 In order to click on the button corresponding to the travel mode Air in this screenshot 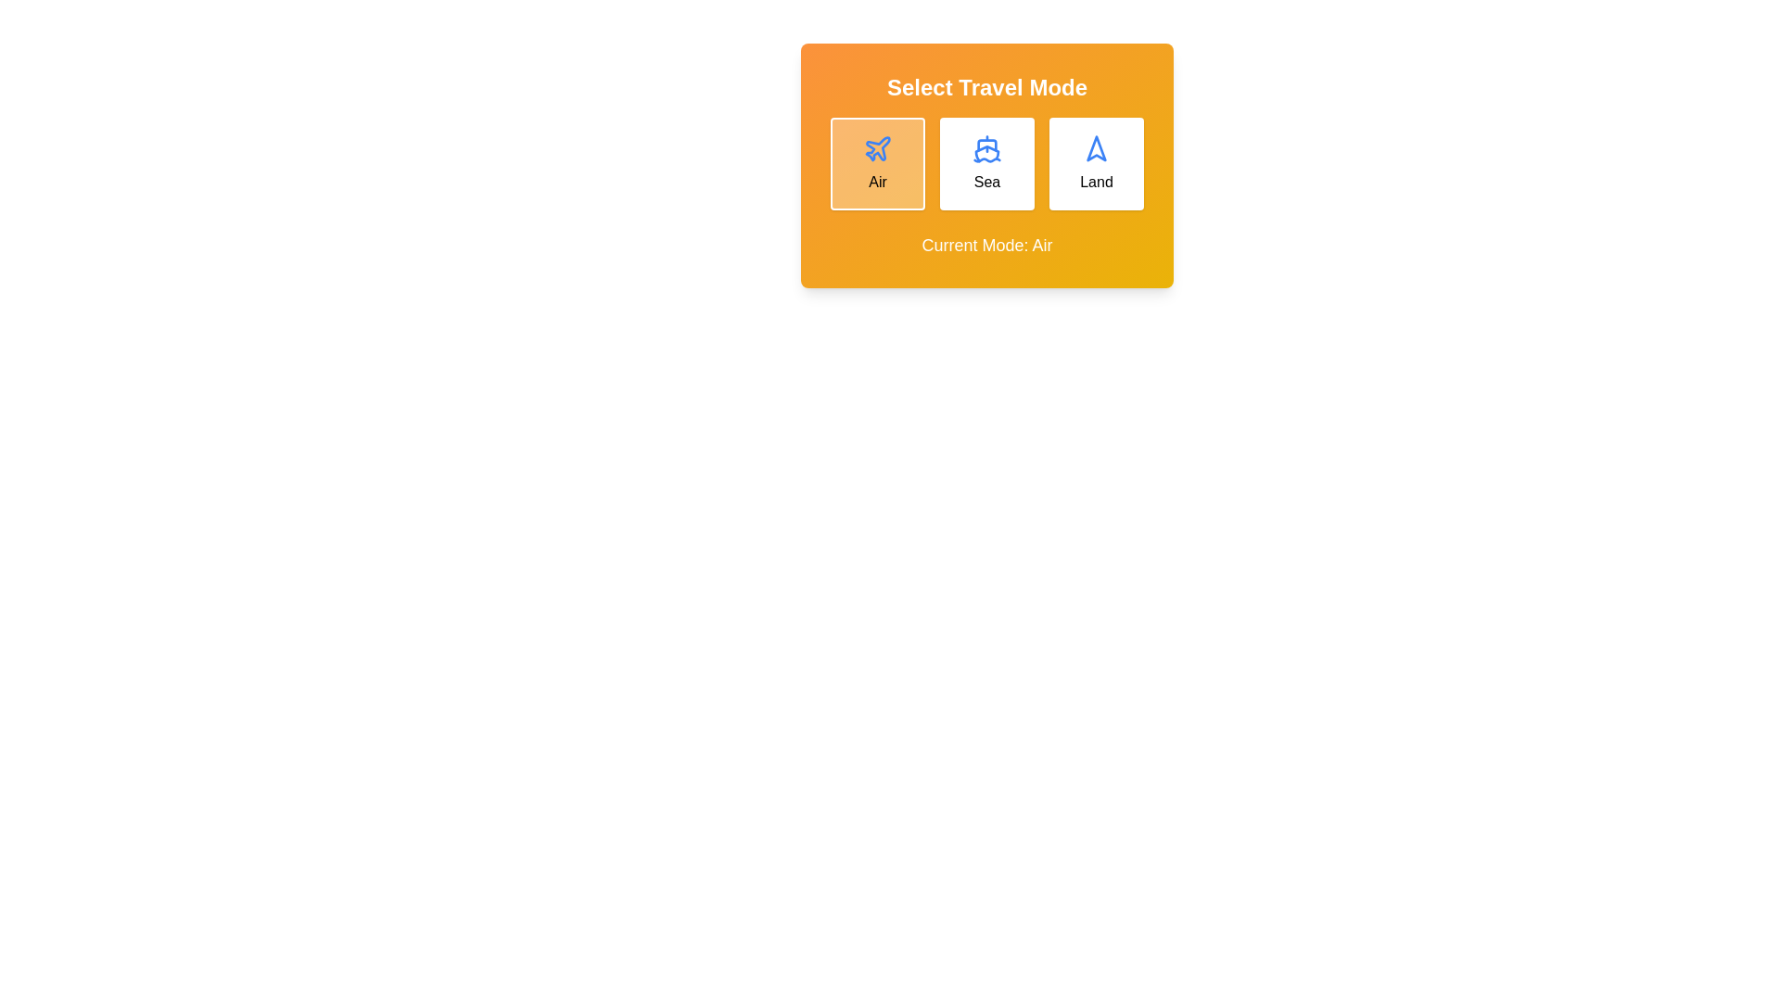, I will do `click(876, 163)`.